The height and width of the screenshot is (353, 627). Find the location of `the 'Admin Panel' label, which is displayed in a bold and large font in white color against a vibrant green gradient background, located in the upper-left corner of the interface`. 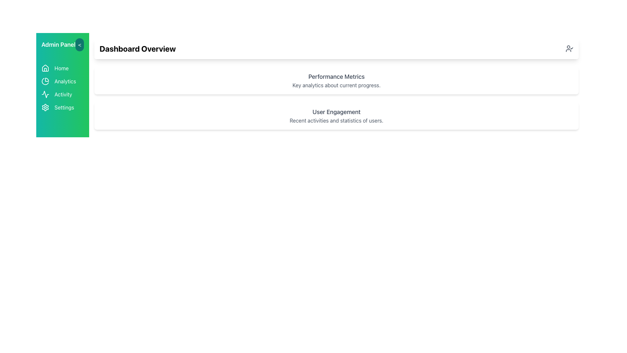

the 'Admin Panel' label, which is displayed in a bold and large font in white color against a vibrant green gradient background, located in the upper-left corner of the interface is located at coordinates (58, 44).